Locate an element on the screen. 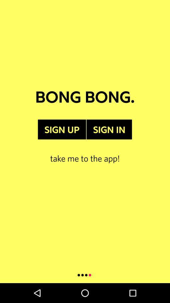 This screenshot has width=170, height=303. item below the bong bong. item is located at coordinates (109, 129).